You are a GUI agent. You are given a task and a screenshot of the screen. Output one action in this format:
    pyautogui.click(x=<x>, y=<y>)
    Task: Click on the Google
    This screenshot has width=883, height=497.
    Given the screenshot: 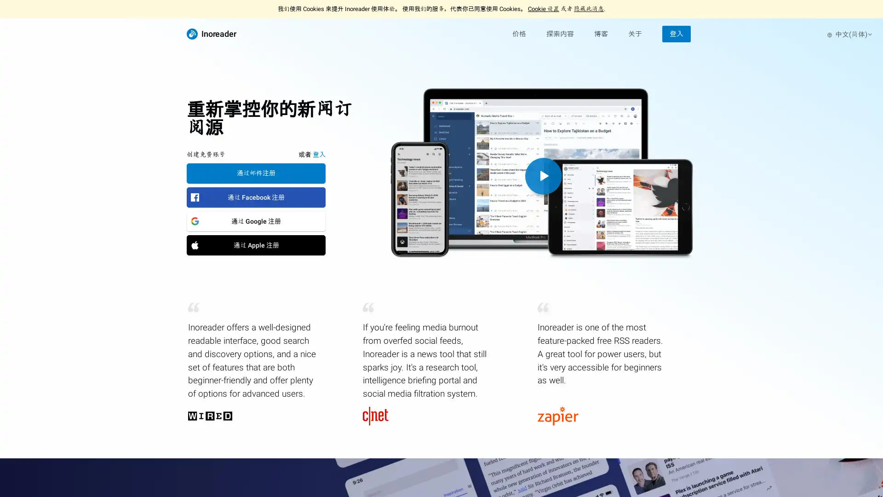 What is the action you would take?
    pyautogui.click(x=256, y=220)
    